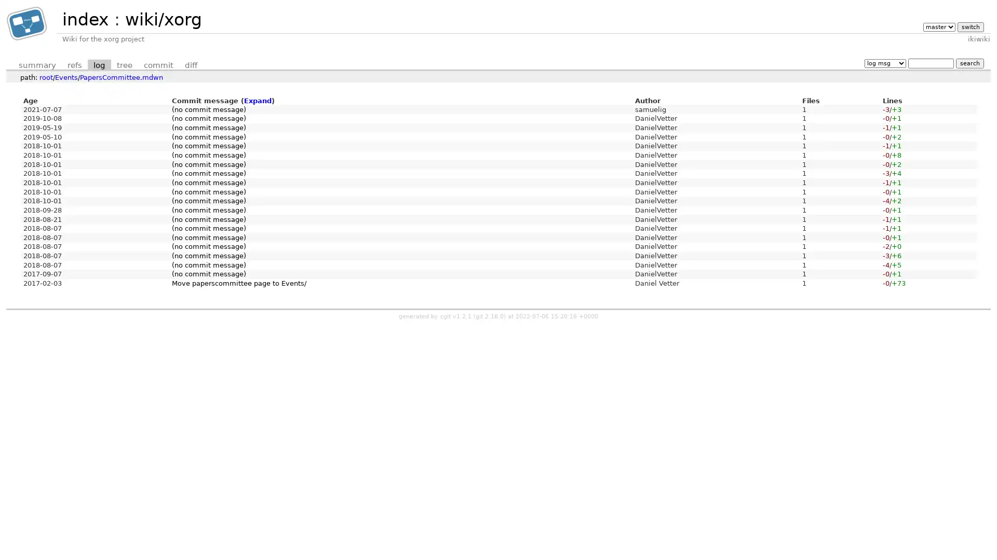  What do you see at coordinates (969, 63) in the screenshot?
I see `search` at bounding box center [969, 63].